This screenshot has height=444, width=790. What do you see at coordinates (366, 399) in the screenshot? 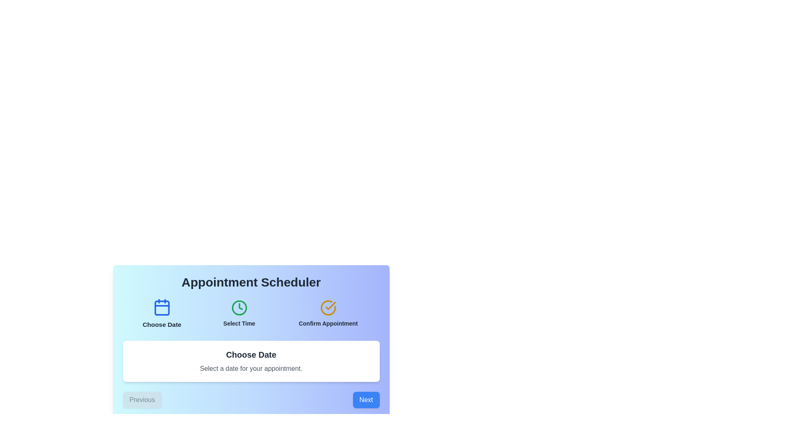
I see `the Next button to navigate the appointment scheduler` at bounding box center [366, 399].